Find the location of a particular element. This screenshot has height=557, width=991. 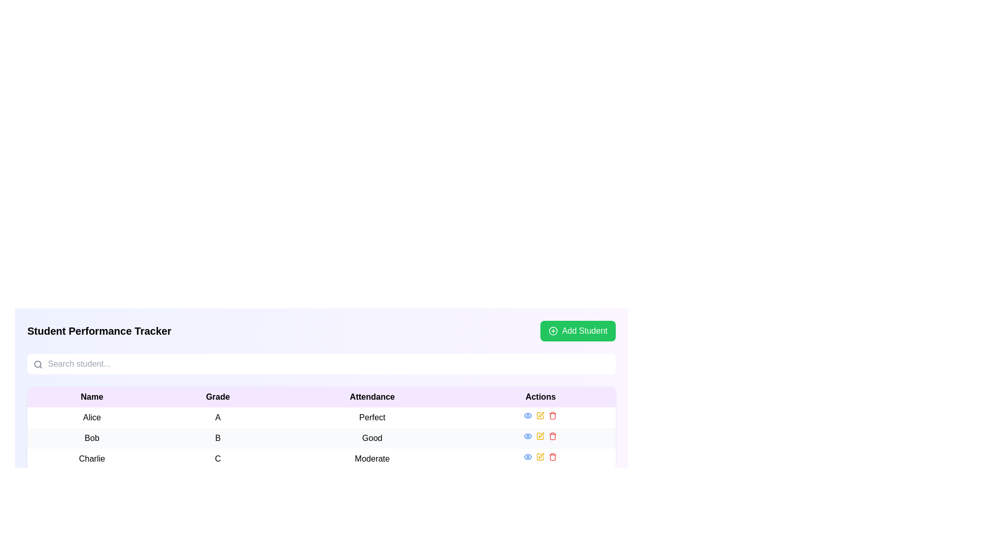

the yellow pencil icon button in the last row of the table under the 'Actions' column to initiate edit functionality is located at coordinates (540, 456).